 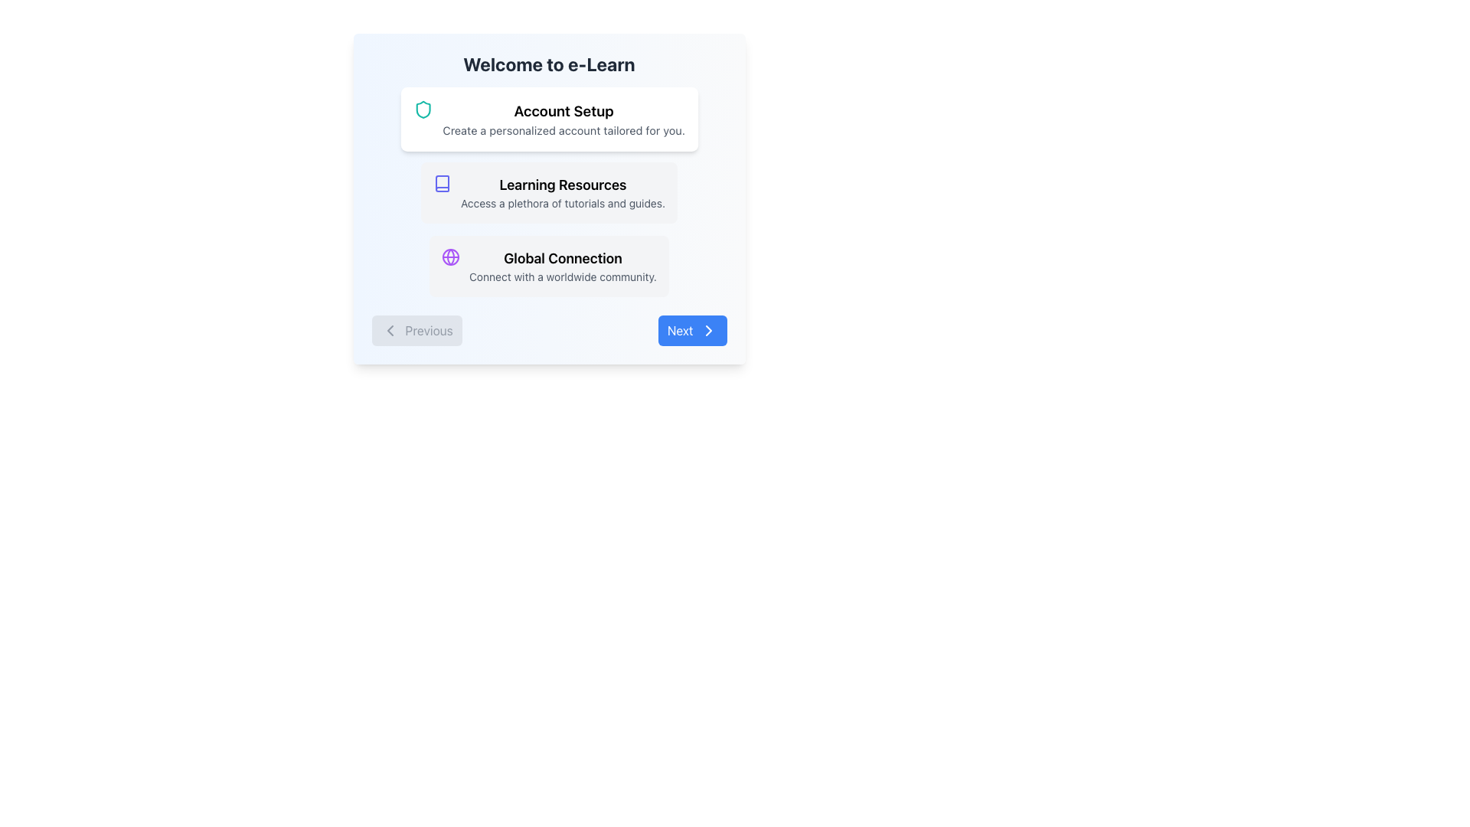 What do you see at coordinates (549, 330) in the screenshot?
I see `the Navigation Bar buttons at the bottom of the content area` at bounding box center [549, 330].